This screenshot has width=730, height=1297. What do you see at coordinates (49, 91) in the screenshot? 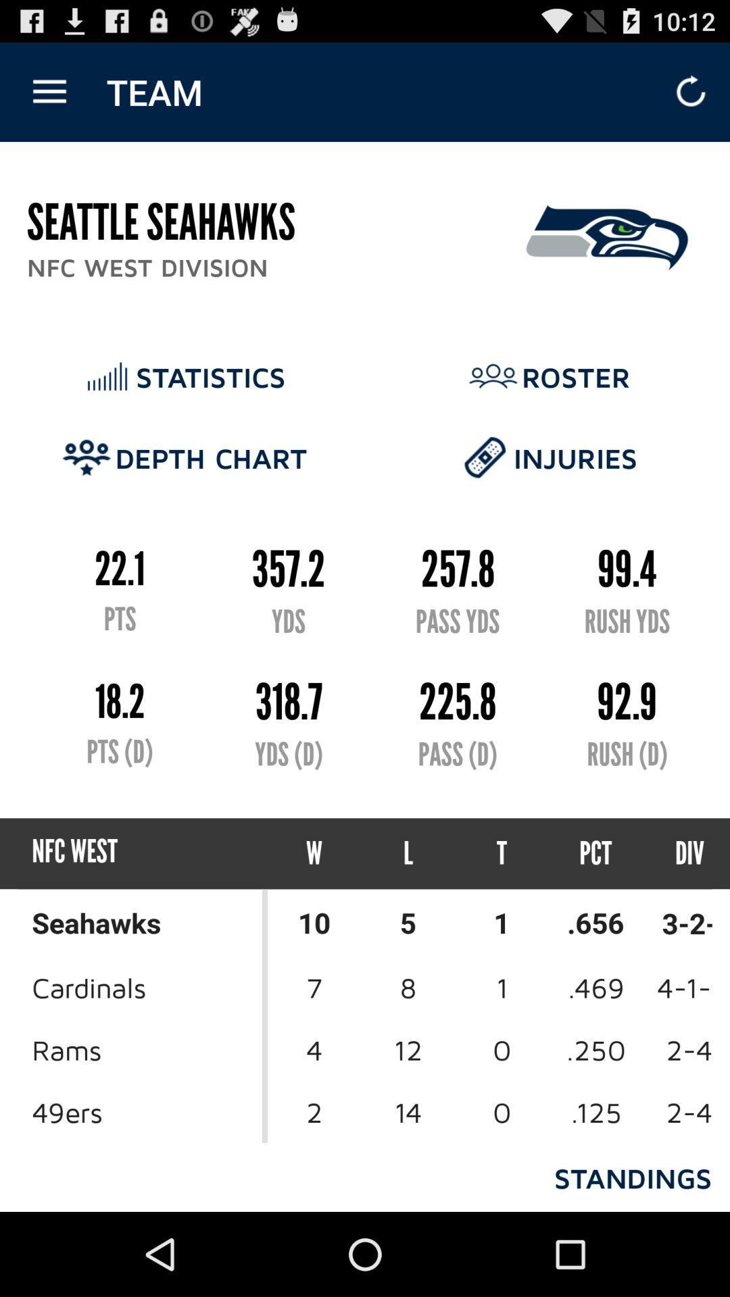
I see `item above the seattle seahawks icon` at bounding box center [49, 91].